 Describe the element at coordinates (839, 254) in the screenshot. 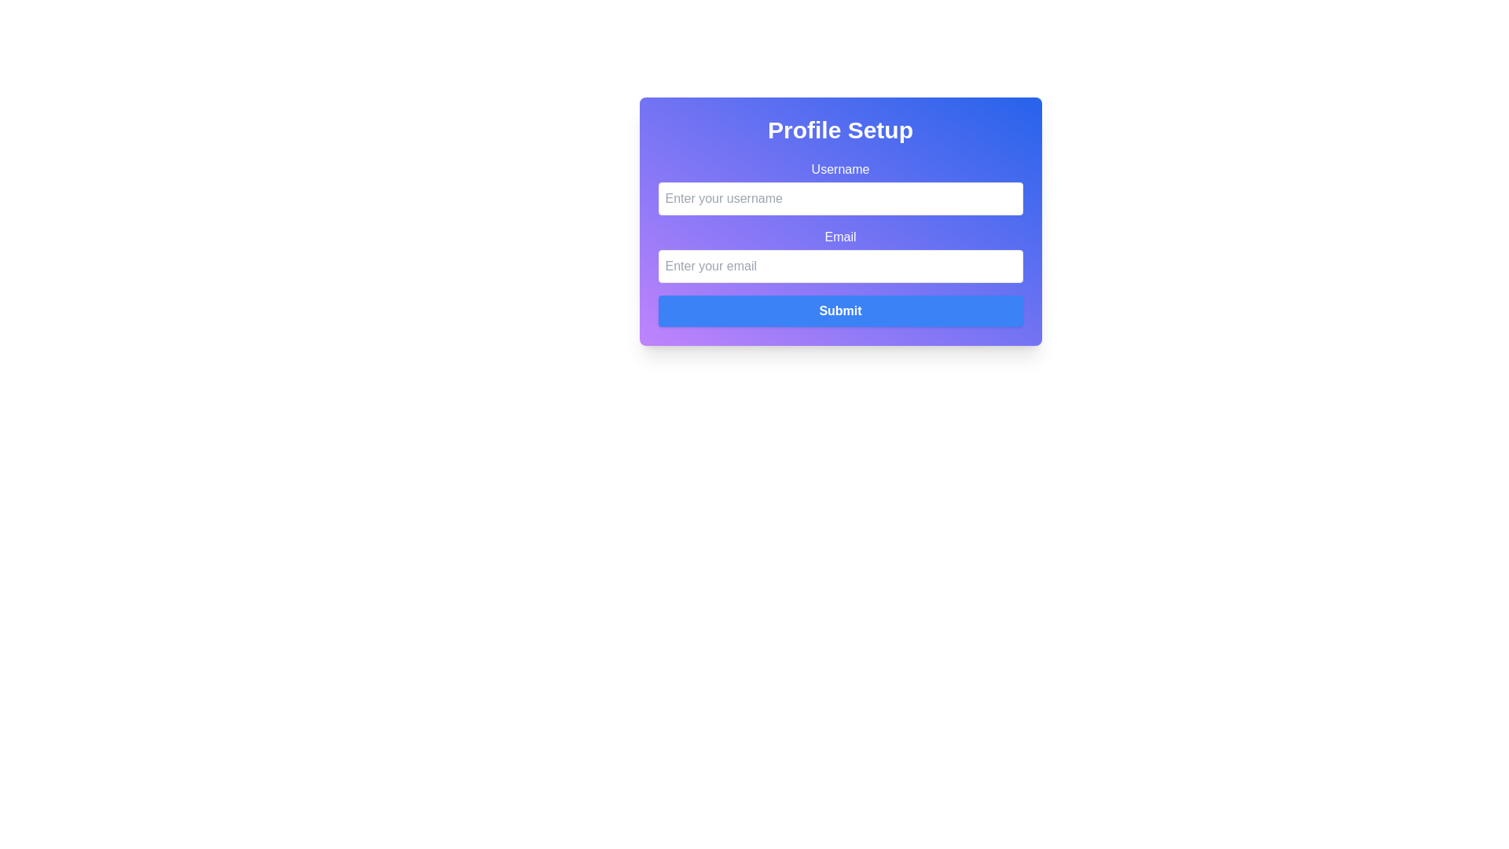

I see `the 'Email' input field, which is a labeled rectangular box with a rounded edge and placeholder text 'Enter your email', located below the Username field and above the blue Submit button` at that location.